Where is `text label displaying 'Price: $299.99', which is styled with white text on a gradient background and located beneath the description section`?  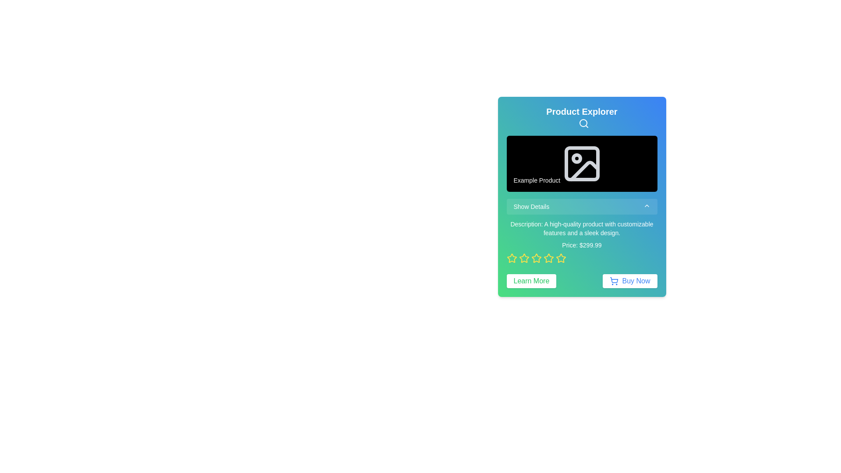 text label displaying 'Price: $299.99', which is styled with white text on a gradient background and located beneath the description section is located at coordinates (582, 245).